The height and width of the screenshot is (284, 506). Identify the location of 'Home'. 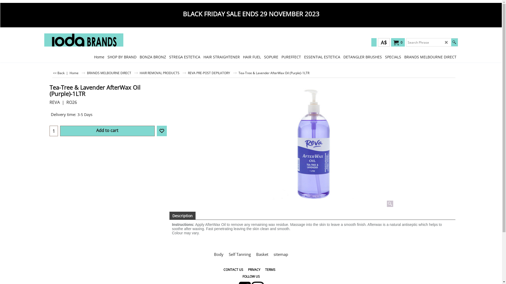
(77, 73).